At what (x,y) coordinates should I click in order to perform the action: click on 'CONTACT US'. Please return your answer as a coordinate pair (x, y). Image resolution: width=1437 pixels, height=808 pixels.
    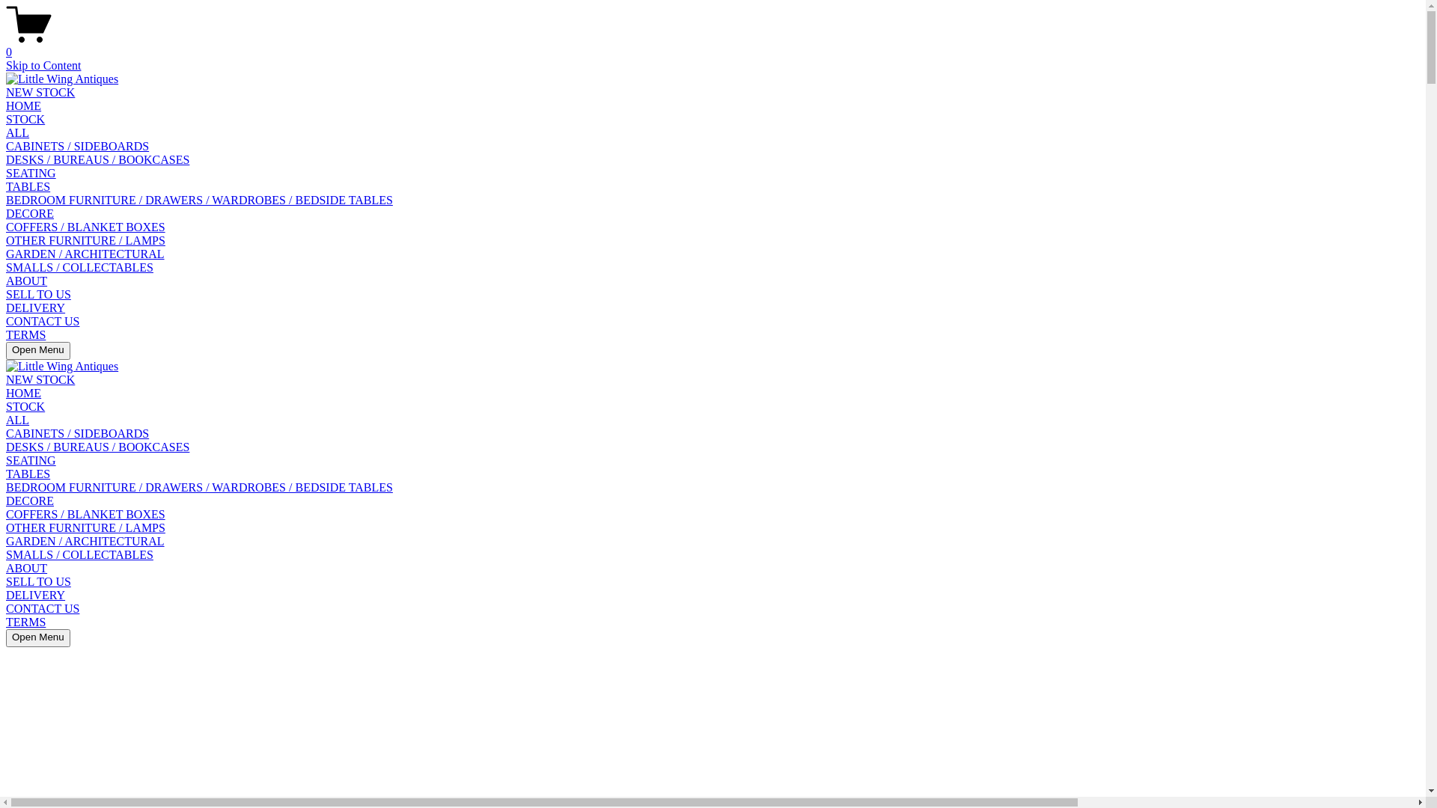
    Looking at the image, I should click on (43, 320).